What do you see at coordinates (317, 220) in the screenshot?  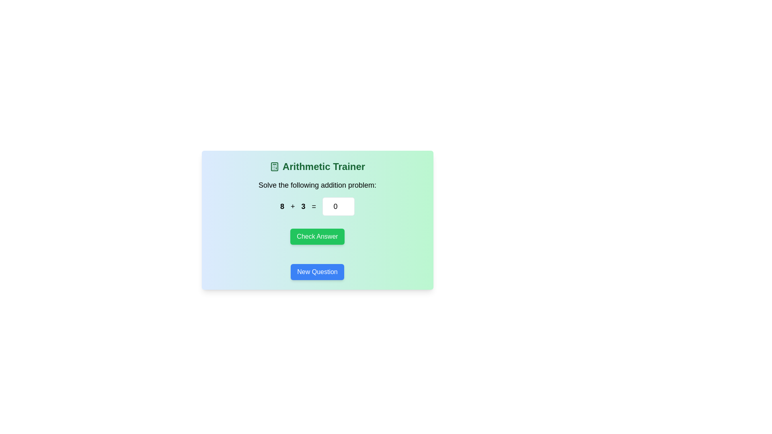 I see `the central interactive panel labeled 'Arithmetic Trainer', which contains a math problem and two buttons for user interaction` at bounding box center [317, 220].